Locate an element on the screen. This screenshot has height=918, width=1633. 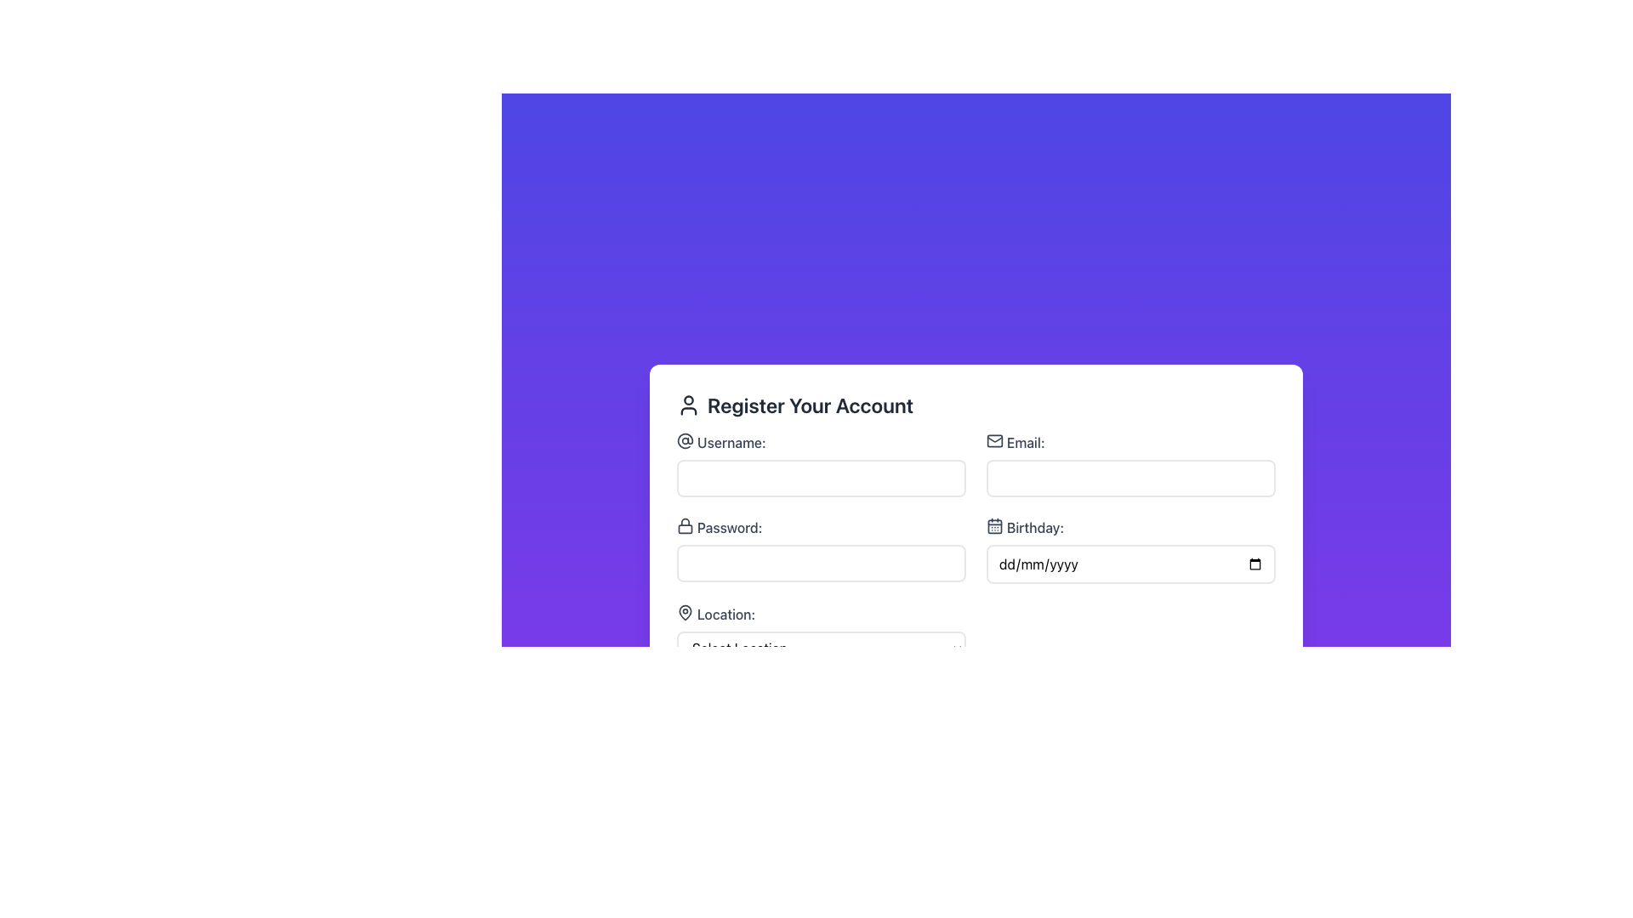
the decorative envelope icon that symbolizes email, located near the top-right corner of the form, adjacent to the 'Email:' input field is located at coordinates (995, 440).